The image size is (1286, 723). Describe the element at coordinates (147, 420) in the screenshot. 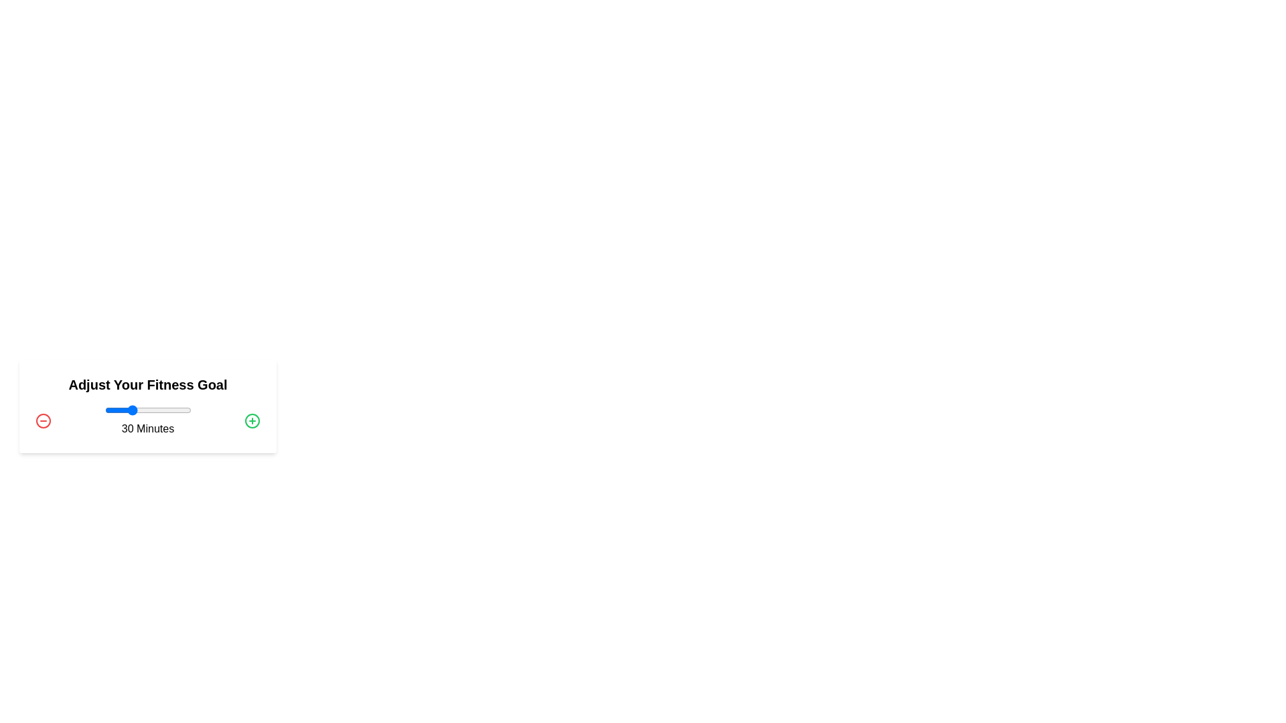

I see `the text label displaying '30 Minutes' located at the bottom of the UI block titled 'Adjust Your Fitness Goal'` at that location.